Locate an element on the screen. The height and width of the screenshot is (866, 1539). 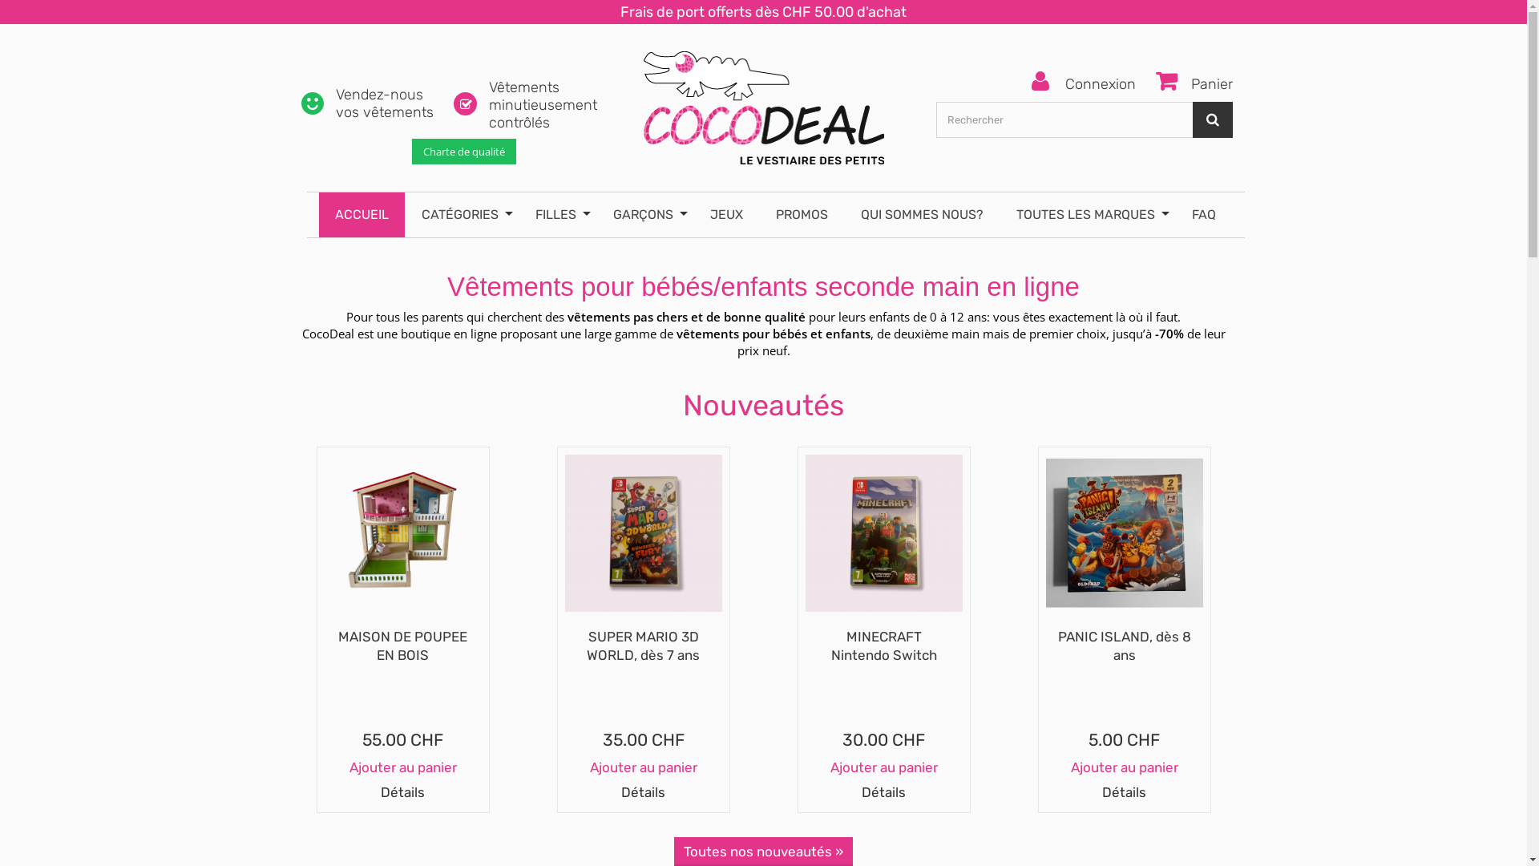
'MINECRAFT Nintendo Switch' is located at coordinates (883, 645).